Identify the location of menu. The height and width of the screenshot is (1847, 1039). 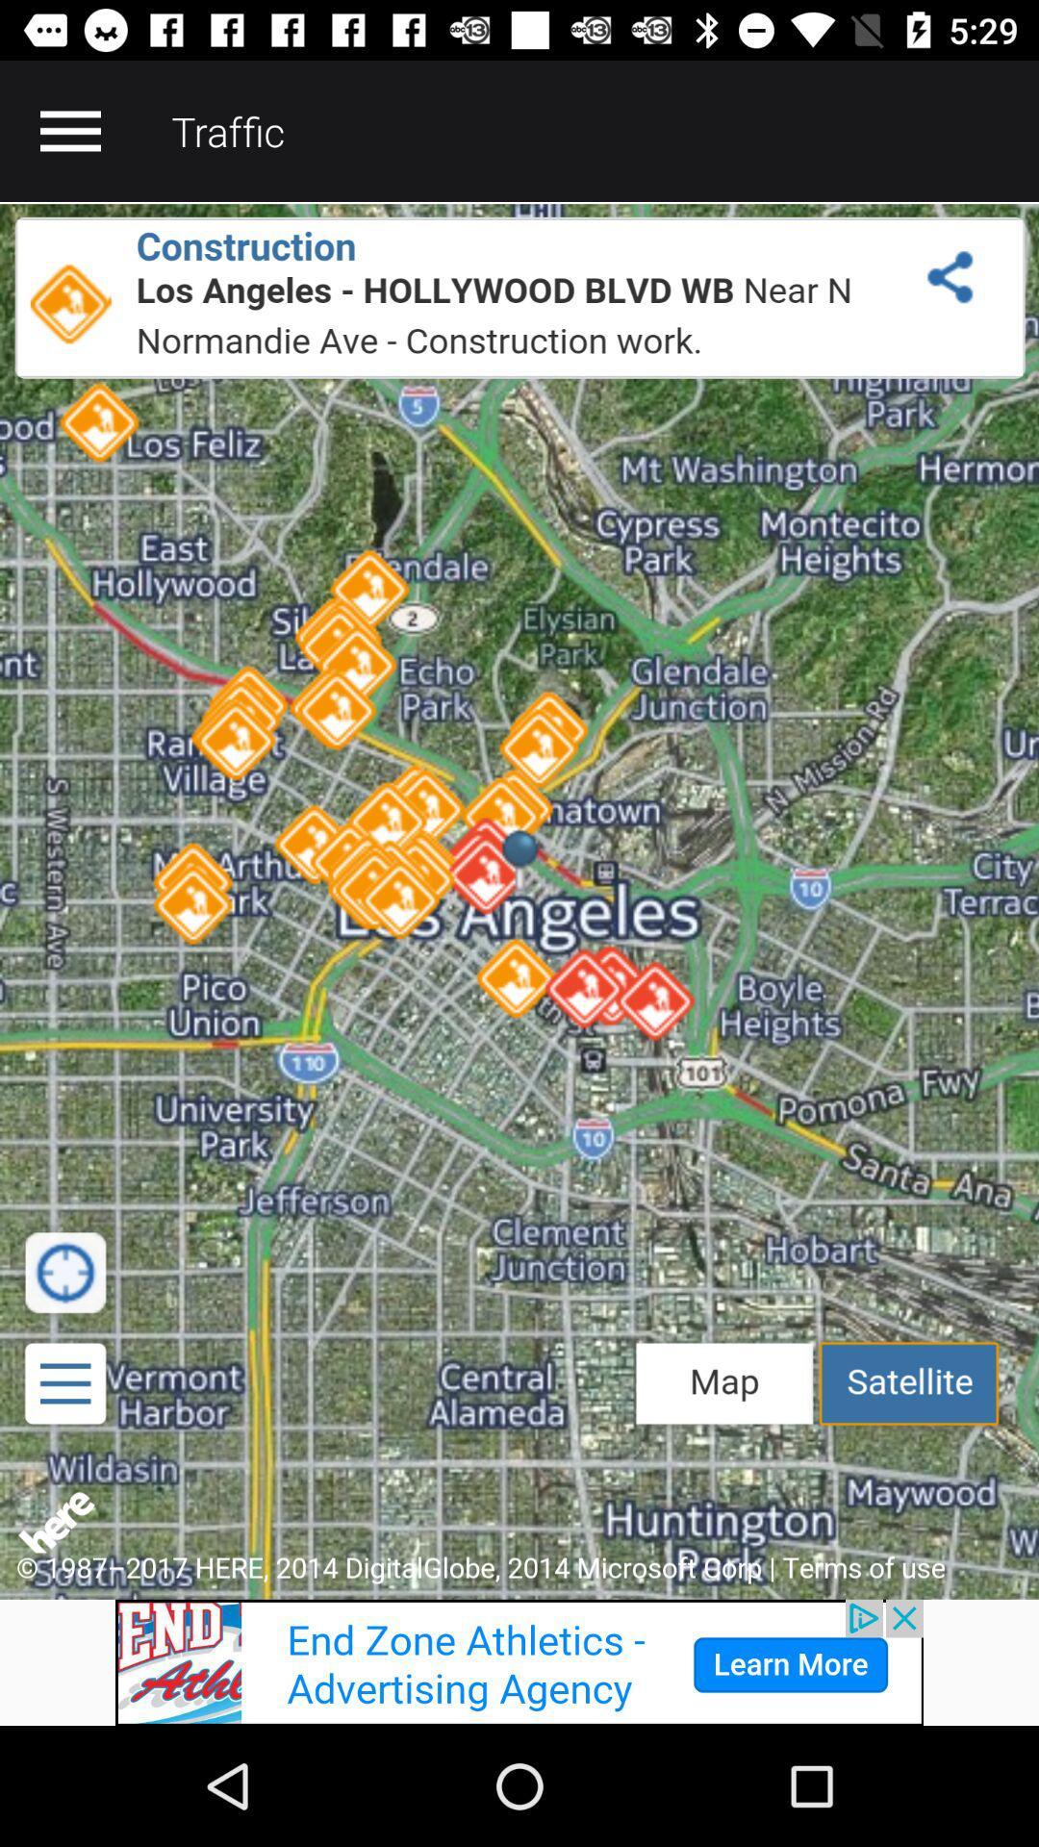
(69, 130).